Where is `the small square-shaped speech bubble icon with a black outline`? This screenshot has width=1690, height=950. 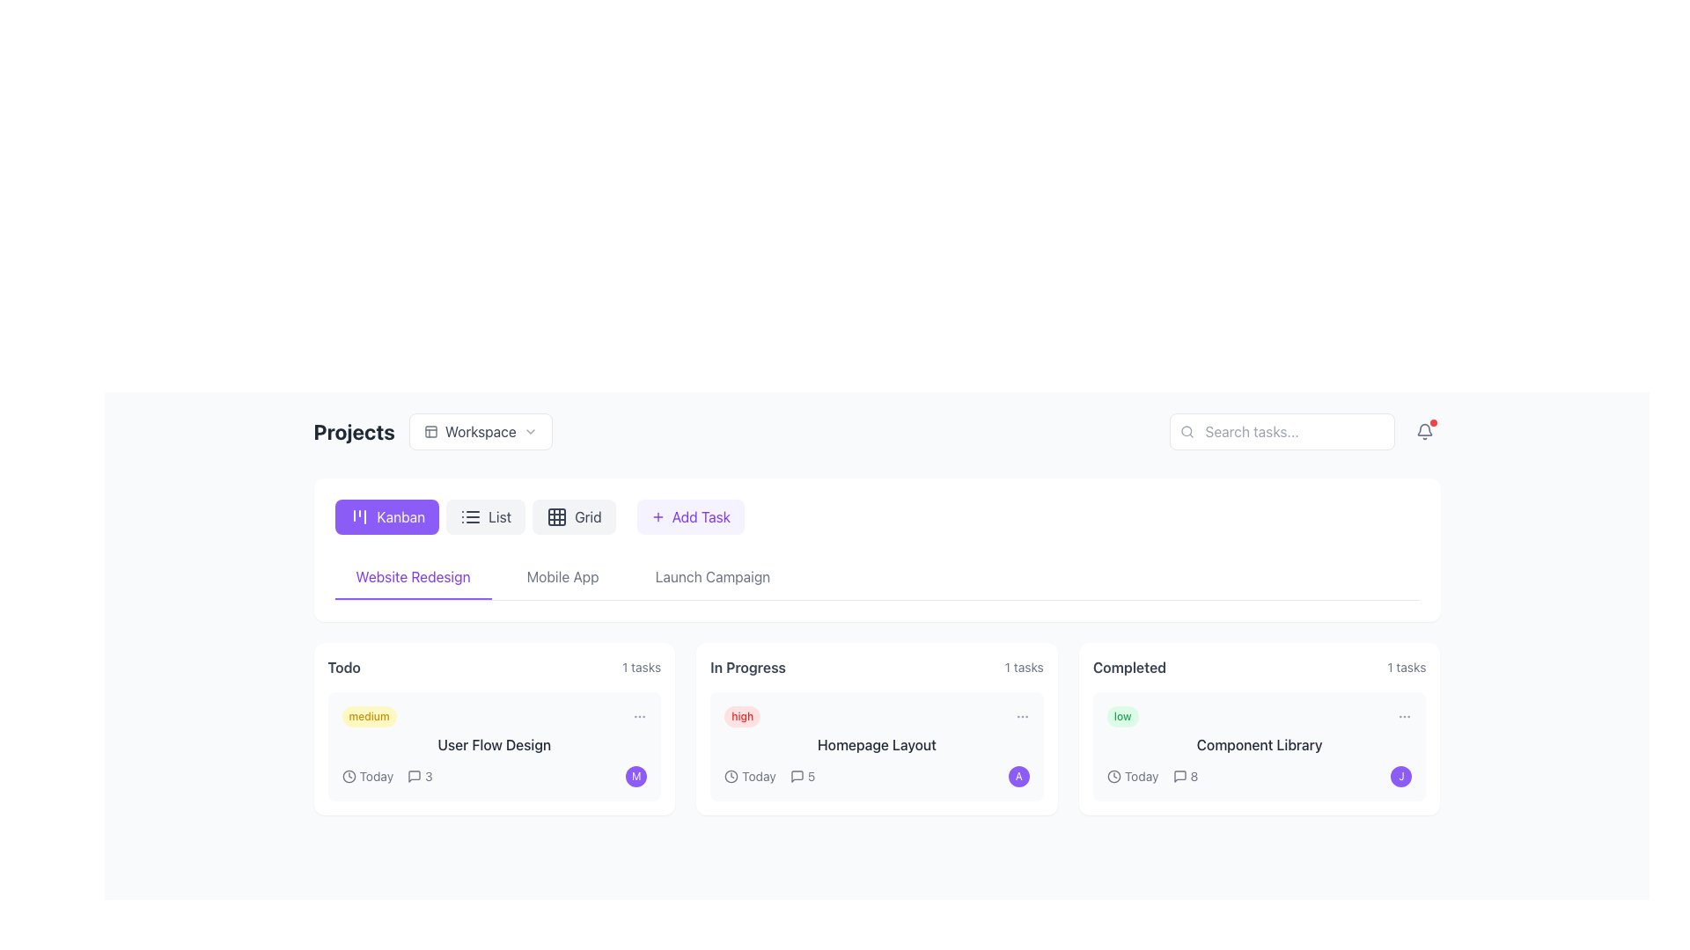
the small square-shaped speech bubble icon with a black outline is located at coordinates (796, 776).